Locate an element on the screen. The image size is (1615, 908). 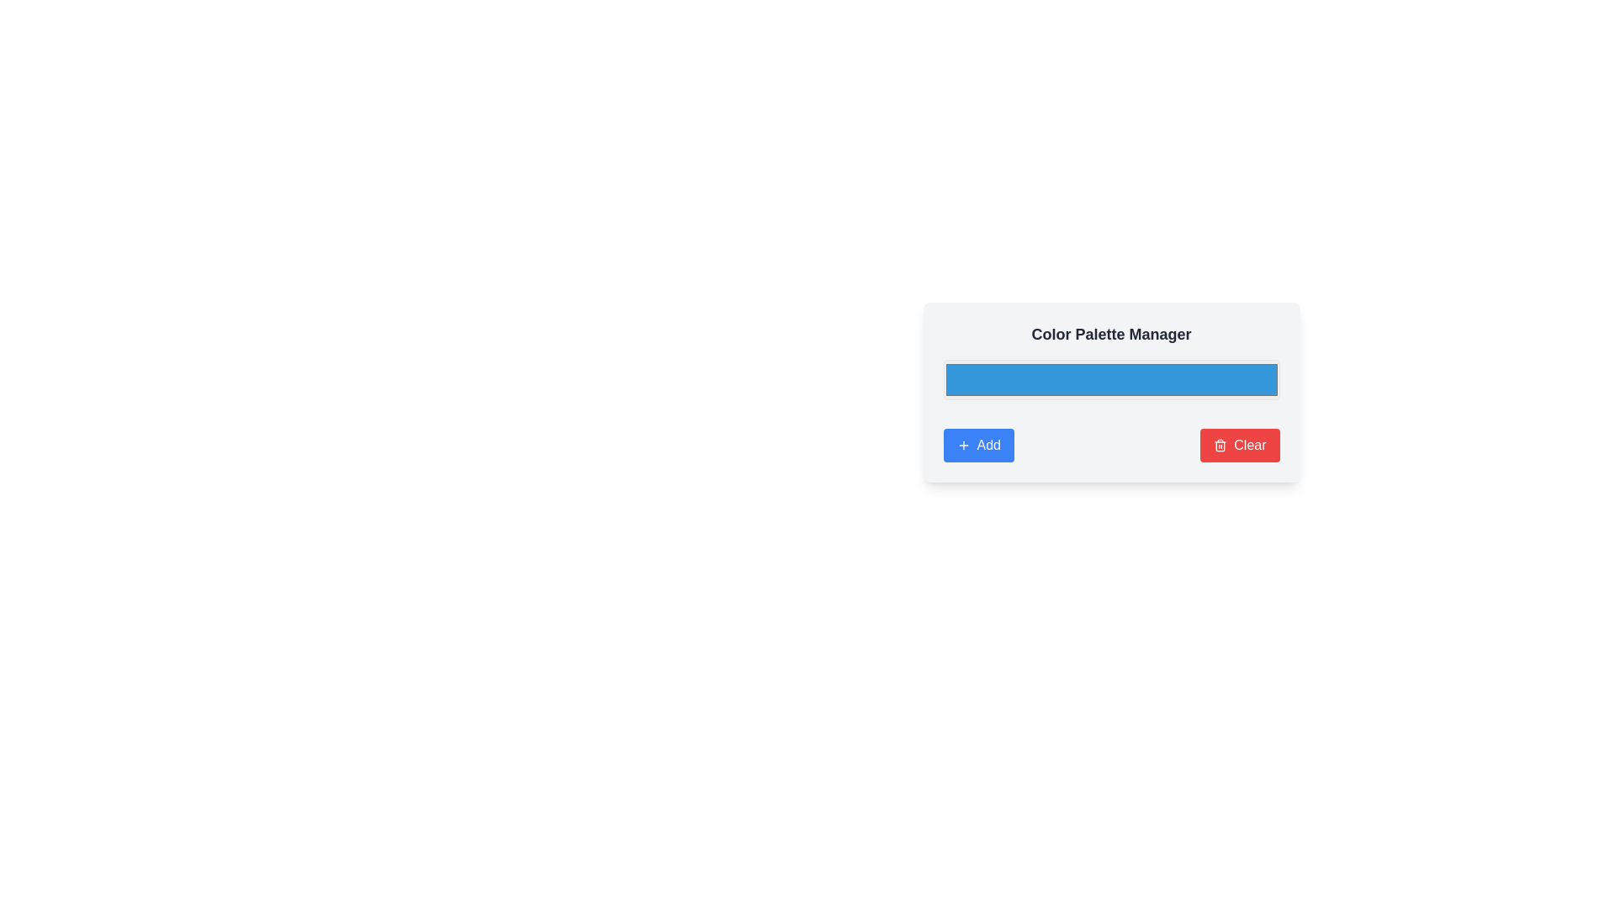
the Text header indicating the purpose of managing a color palette, which is located above the color picker input field and two action buttons labeled Add and Clear is located at coordinates (1111, 334).